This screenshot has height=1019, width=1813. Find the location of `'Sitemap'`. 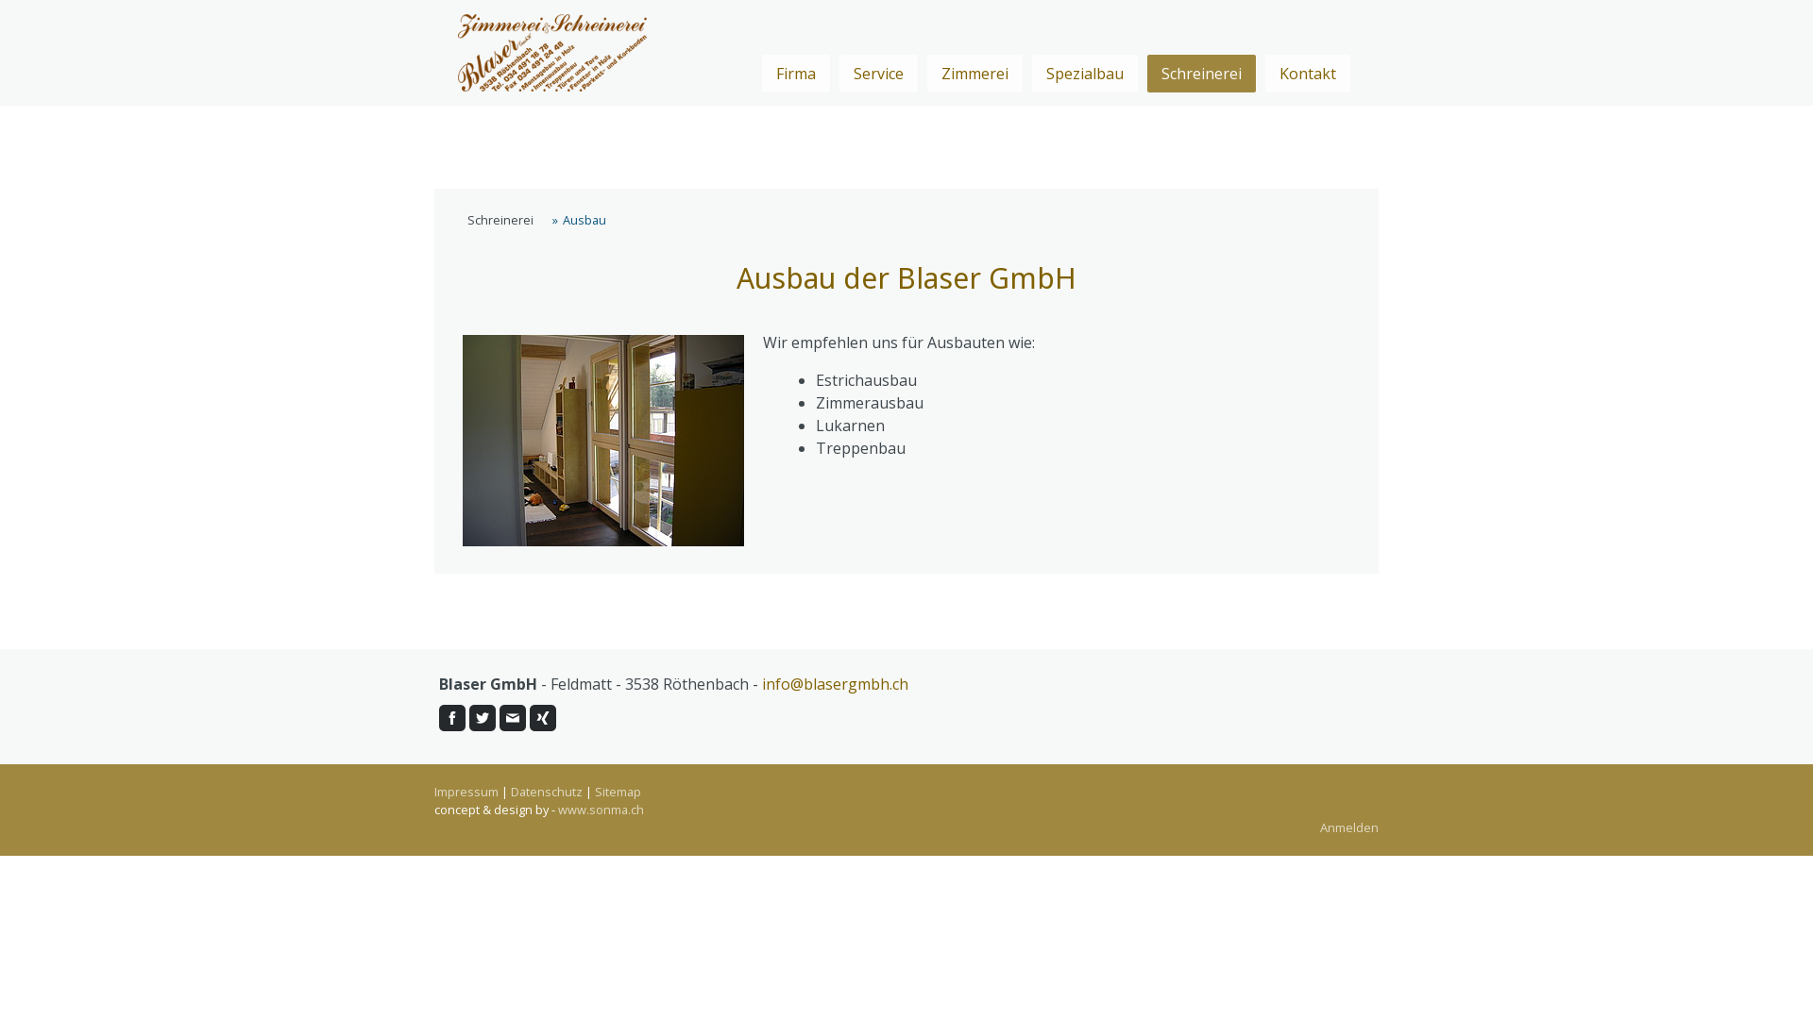

'Sitemap' is located at coordinates (593, 792).